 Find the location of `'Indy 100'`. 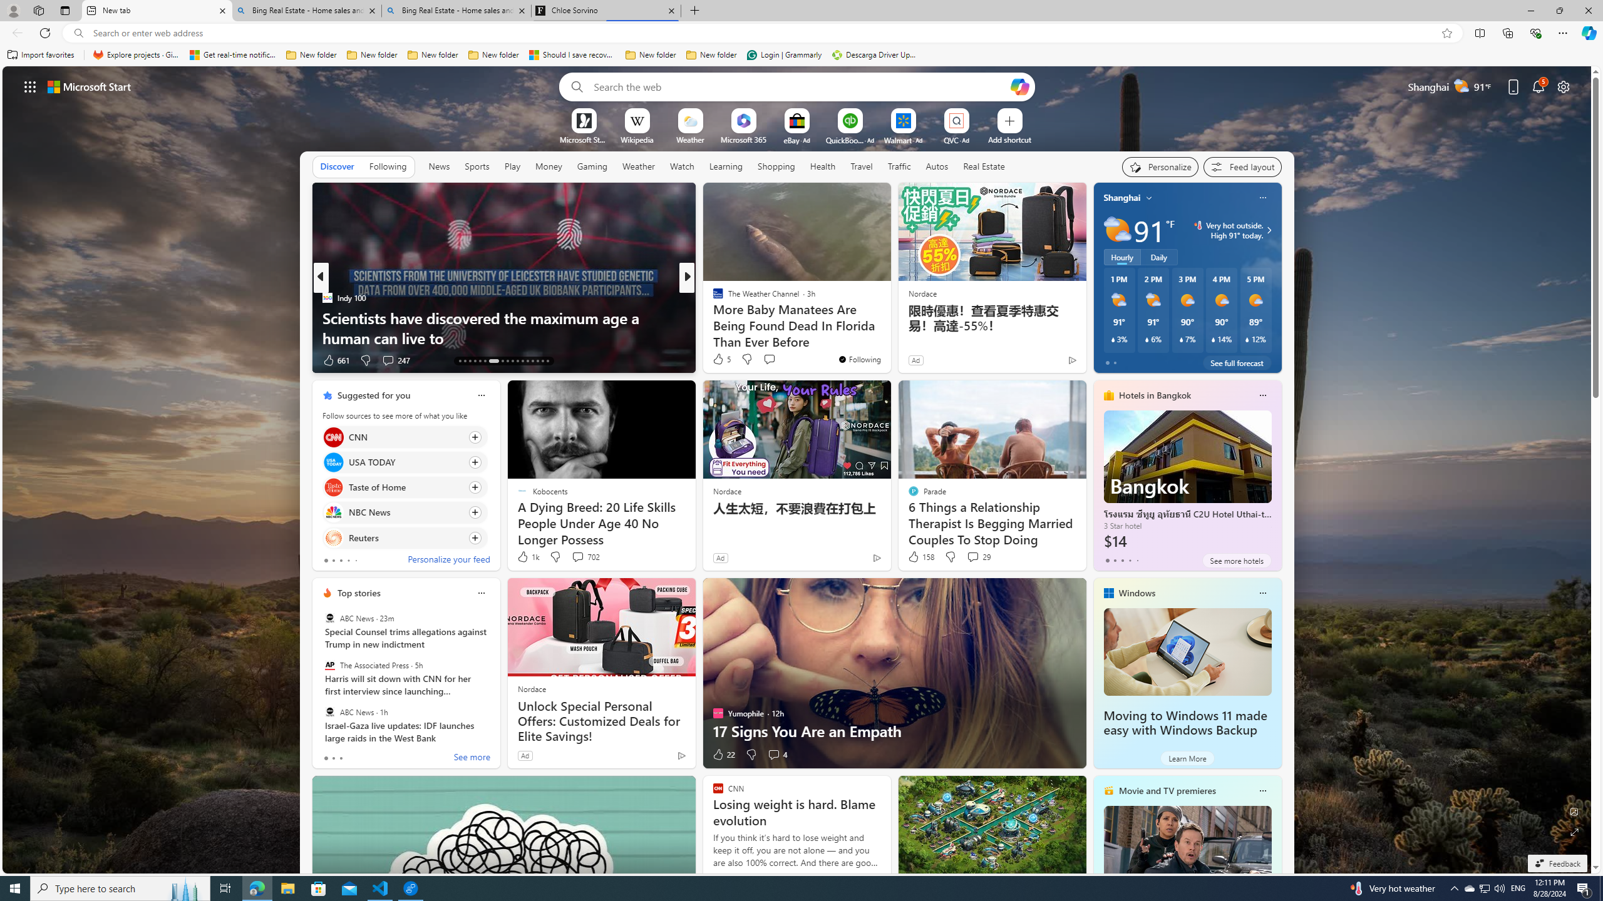

'Indy 100' is located at coordinates (326, 297).